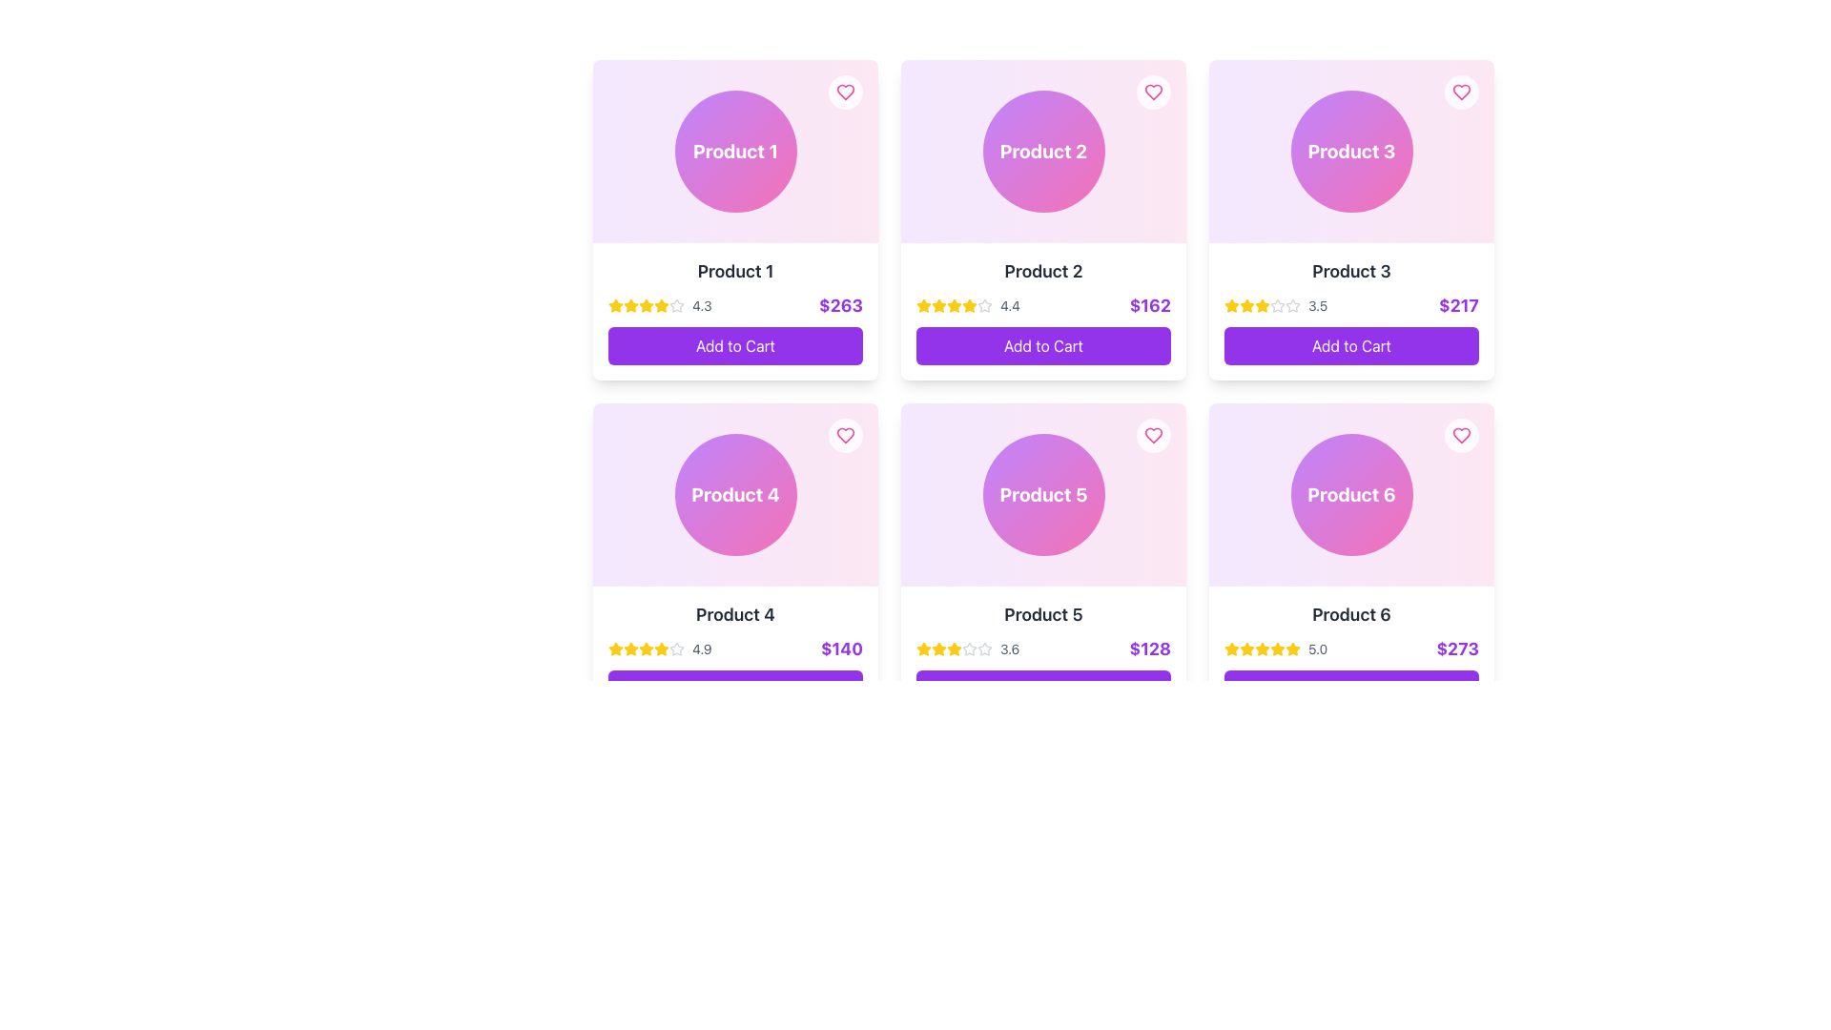 This screenshot has width=1831, height=1030. Describe the element at coordinates (1350, 345) in the screenshot. I see `the button located at the bottom of the card displaying 'Product 3'` at that location.